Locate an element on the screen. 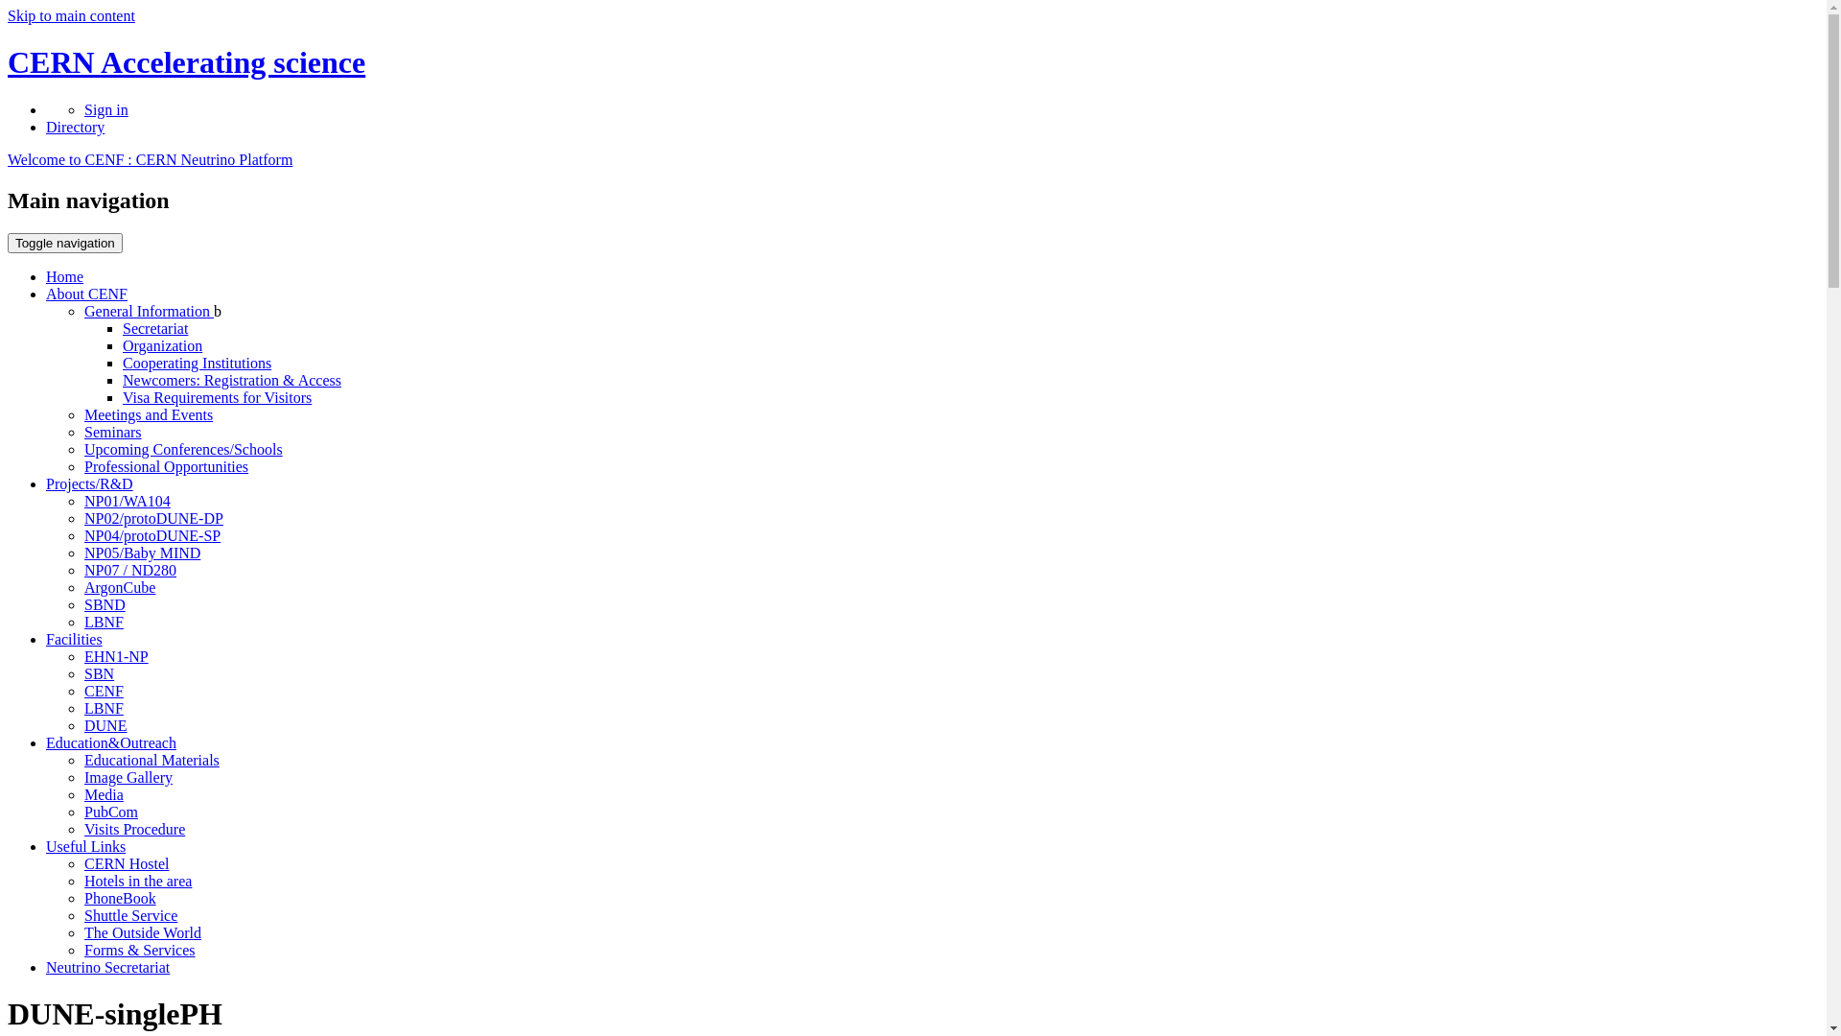 The height and width of the screenshot is (1036, 1841). 'NP02/protoDUNE-DP' is located at coordinates (153, 518).